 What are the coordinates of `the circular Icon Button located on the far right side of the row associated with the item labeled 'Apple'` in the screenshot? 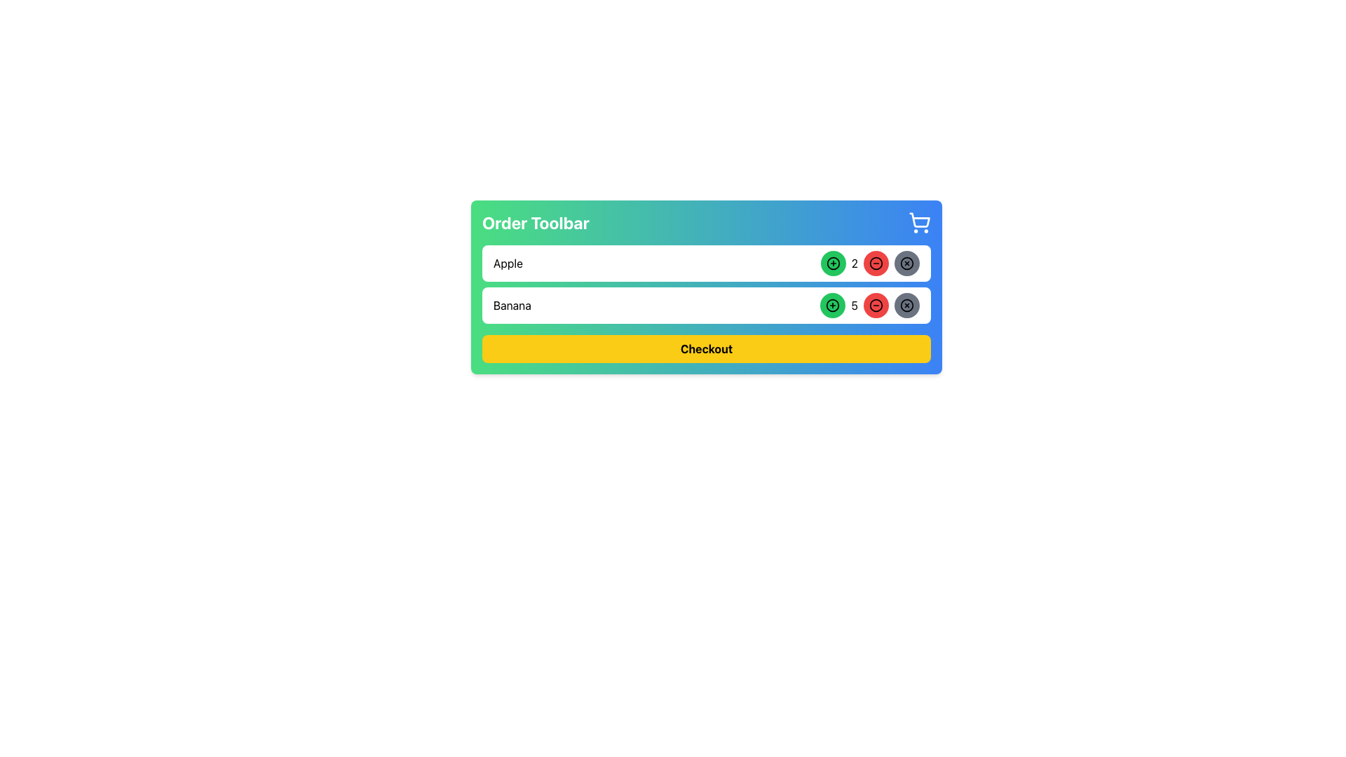 It's located at (907, 263).